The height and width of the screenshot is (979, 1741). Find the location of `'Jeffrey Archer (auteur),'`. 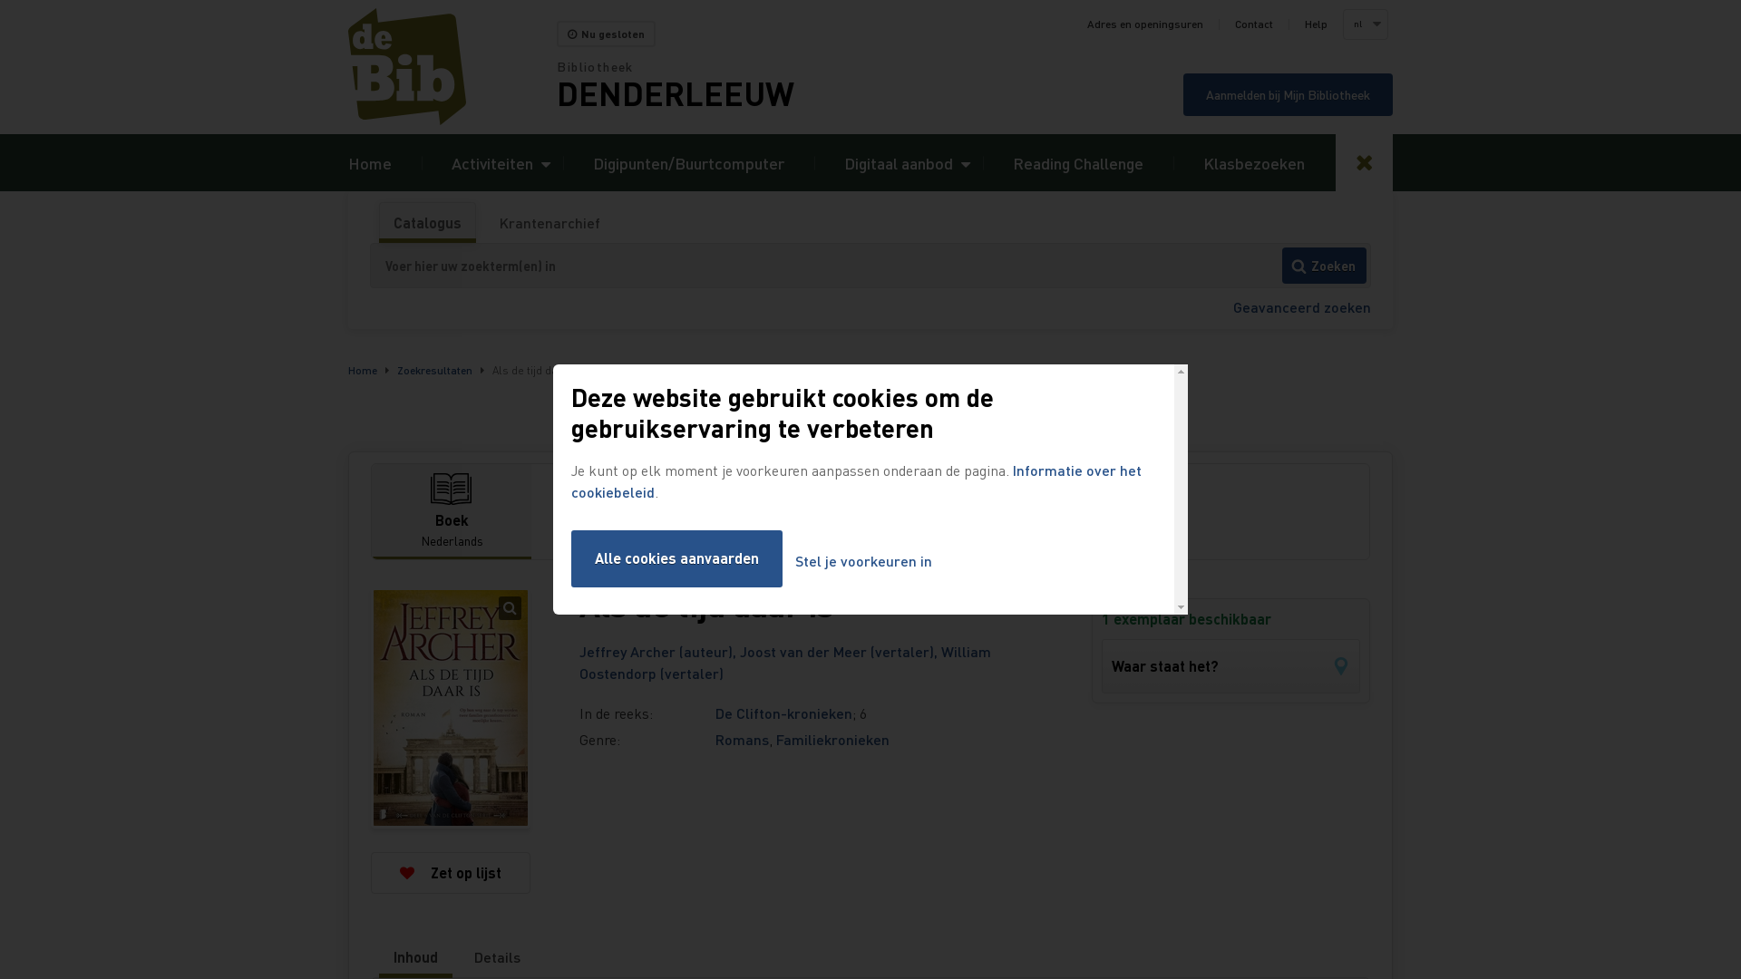

'Jeffrey Archer (auteur),' is located at coordinates (578, 650).